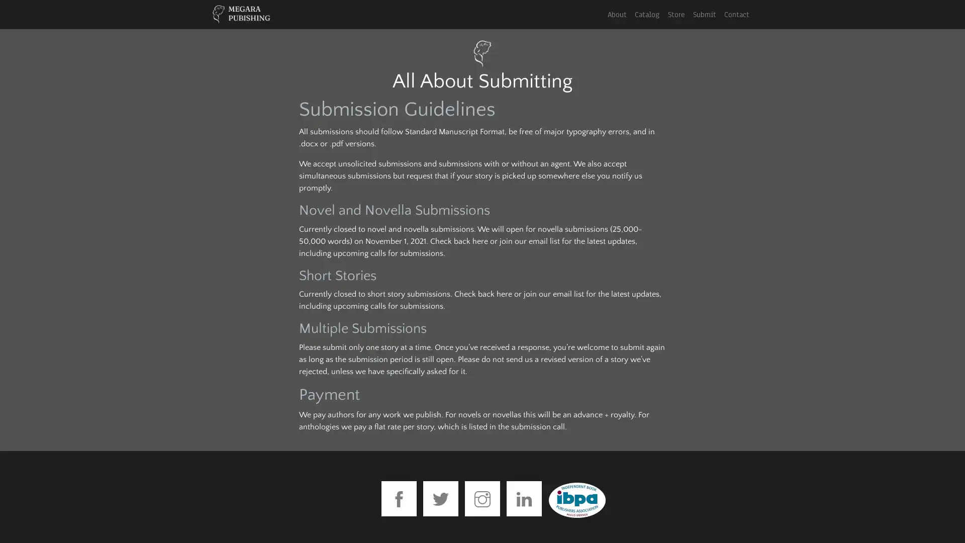  I want to click on Close, so click(596, 28).